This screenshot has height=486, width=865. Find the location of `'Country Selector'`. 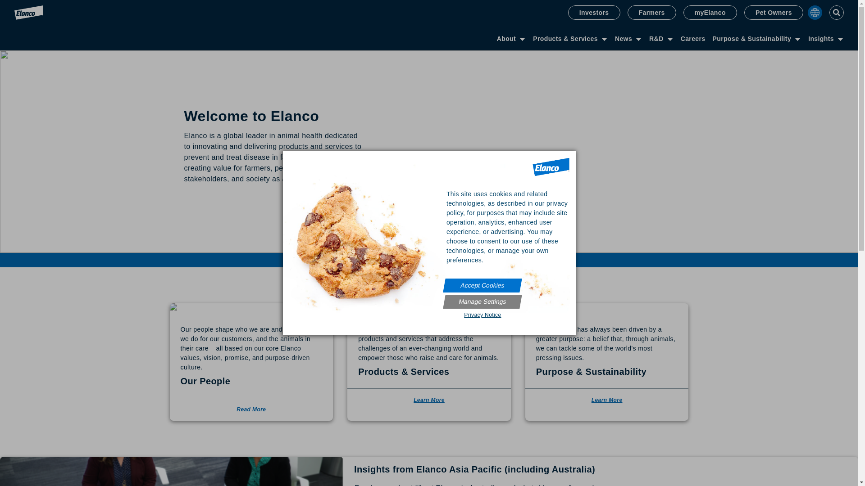

'Country Selector' is located at coordinates (808, 12).